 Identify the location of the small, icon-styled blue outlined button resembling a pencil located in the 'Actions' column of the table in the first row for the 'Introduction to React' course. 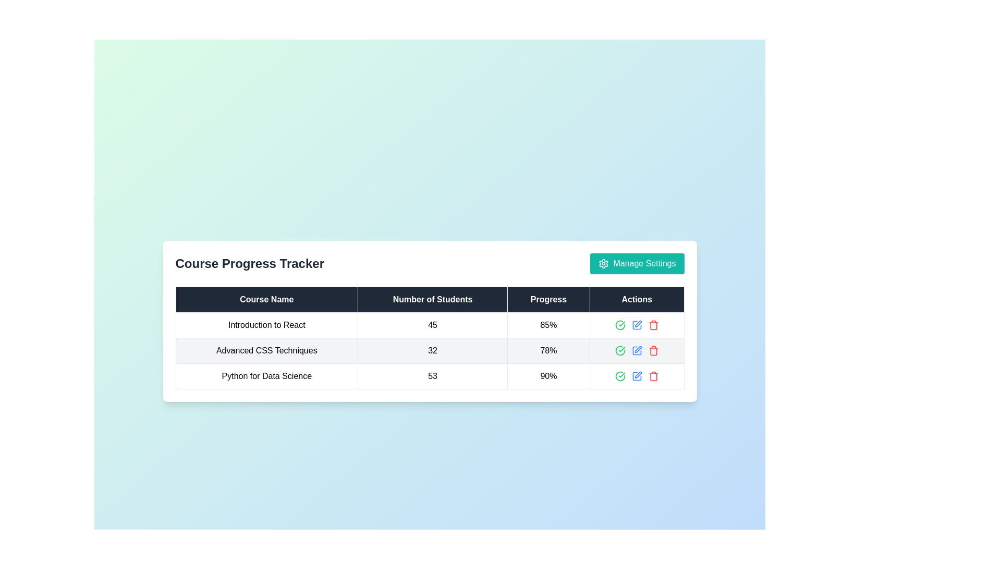
(636, 324).